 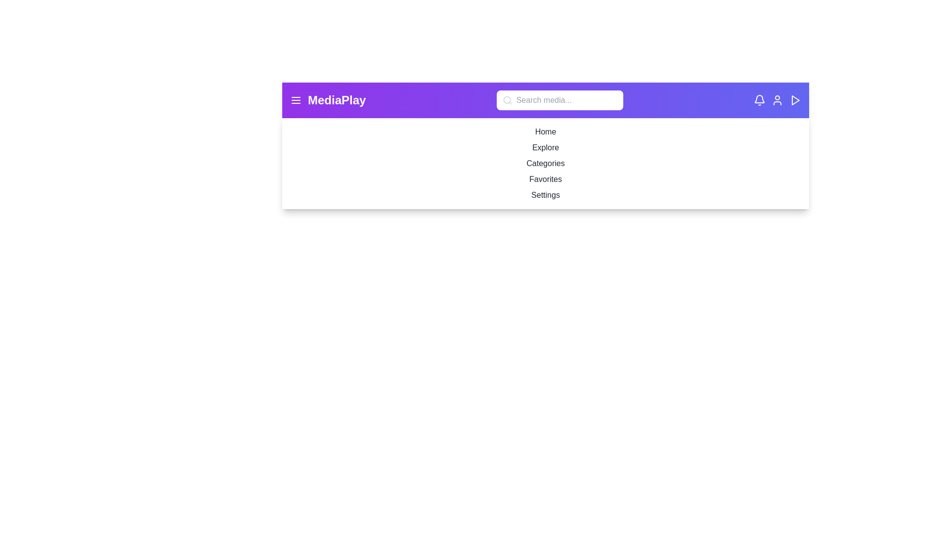 What do you see at coordinates (507, 100) in the screenshot?
I see `the search icon located to the left of the text input box at the top center of the interface, which initiates the search functionality` at bounding box center [507, 100].